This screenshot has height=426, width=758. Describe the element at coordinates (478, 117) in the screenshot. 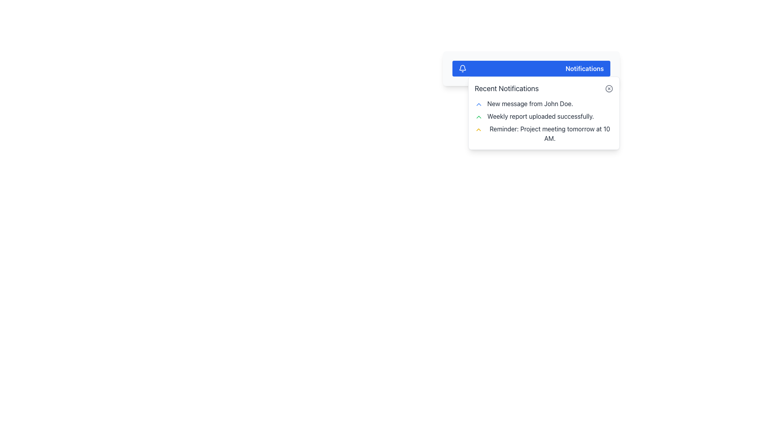

I see `the green chevron icon located next to the text 'Weekly report uploaded successfully' in the notification list` at that location.